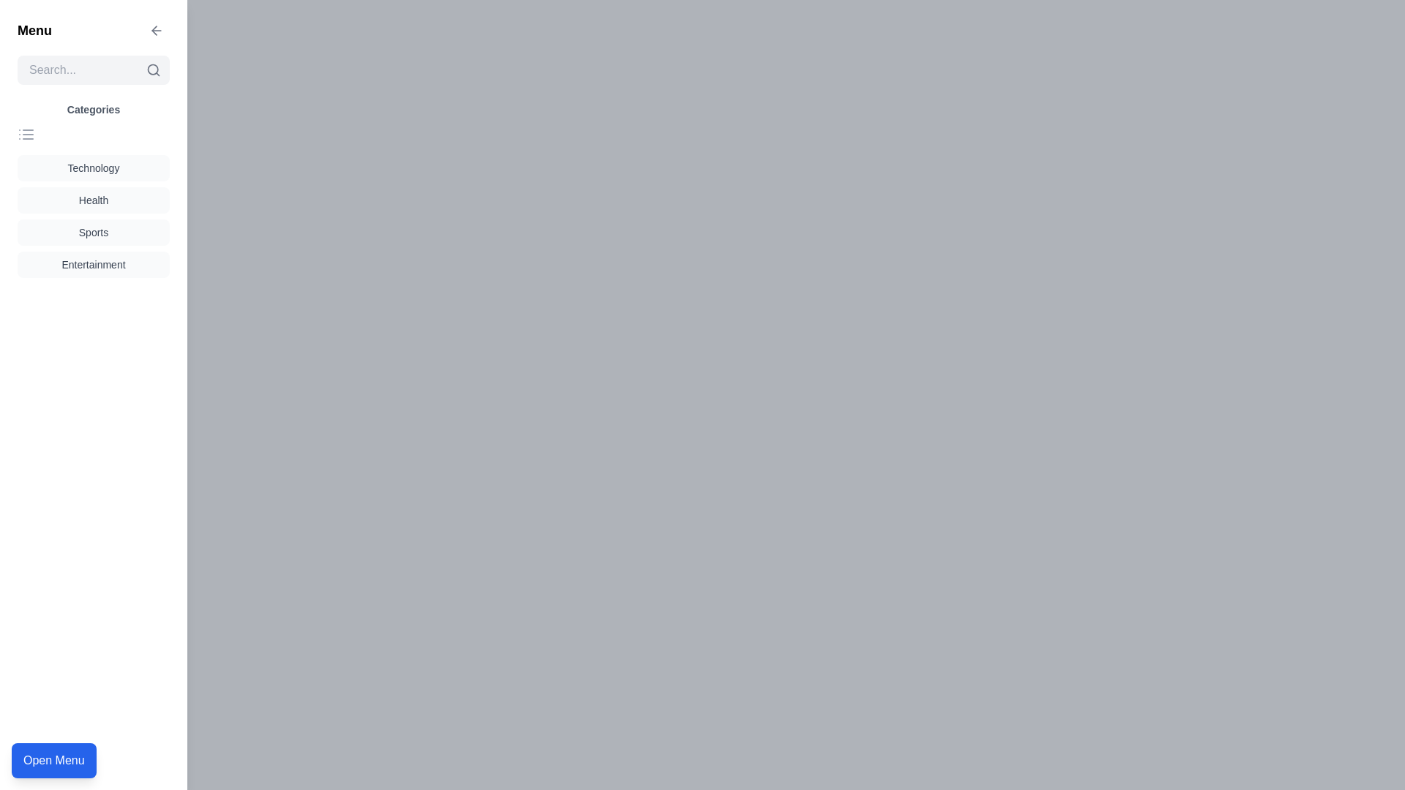 The width and height of the screenshot is (1405, 790). I want to click on the search icon resembling a magnifying glass, located at the upper-right corner of the input field with placeholder text 'Search...', so click(154, 70).